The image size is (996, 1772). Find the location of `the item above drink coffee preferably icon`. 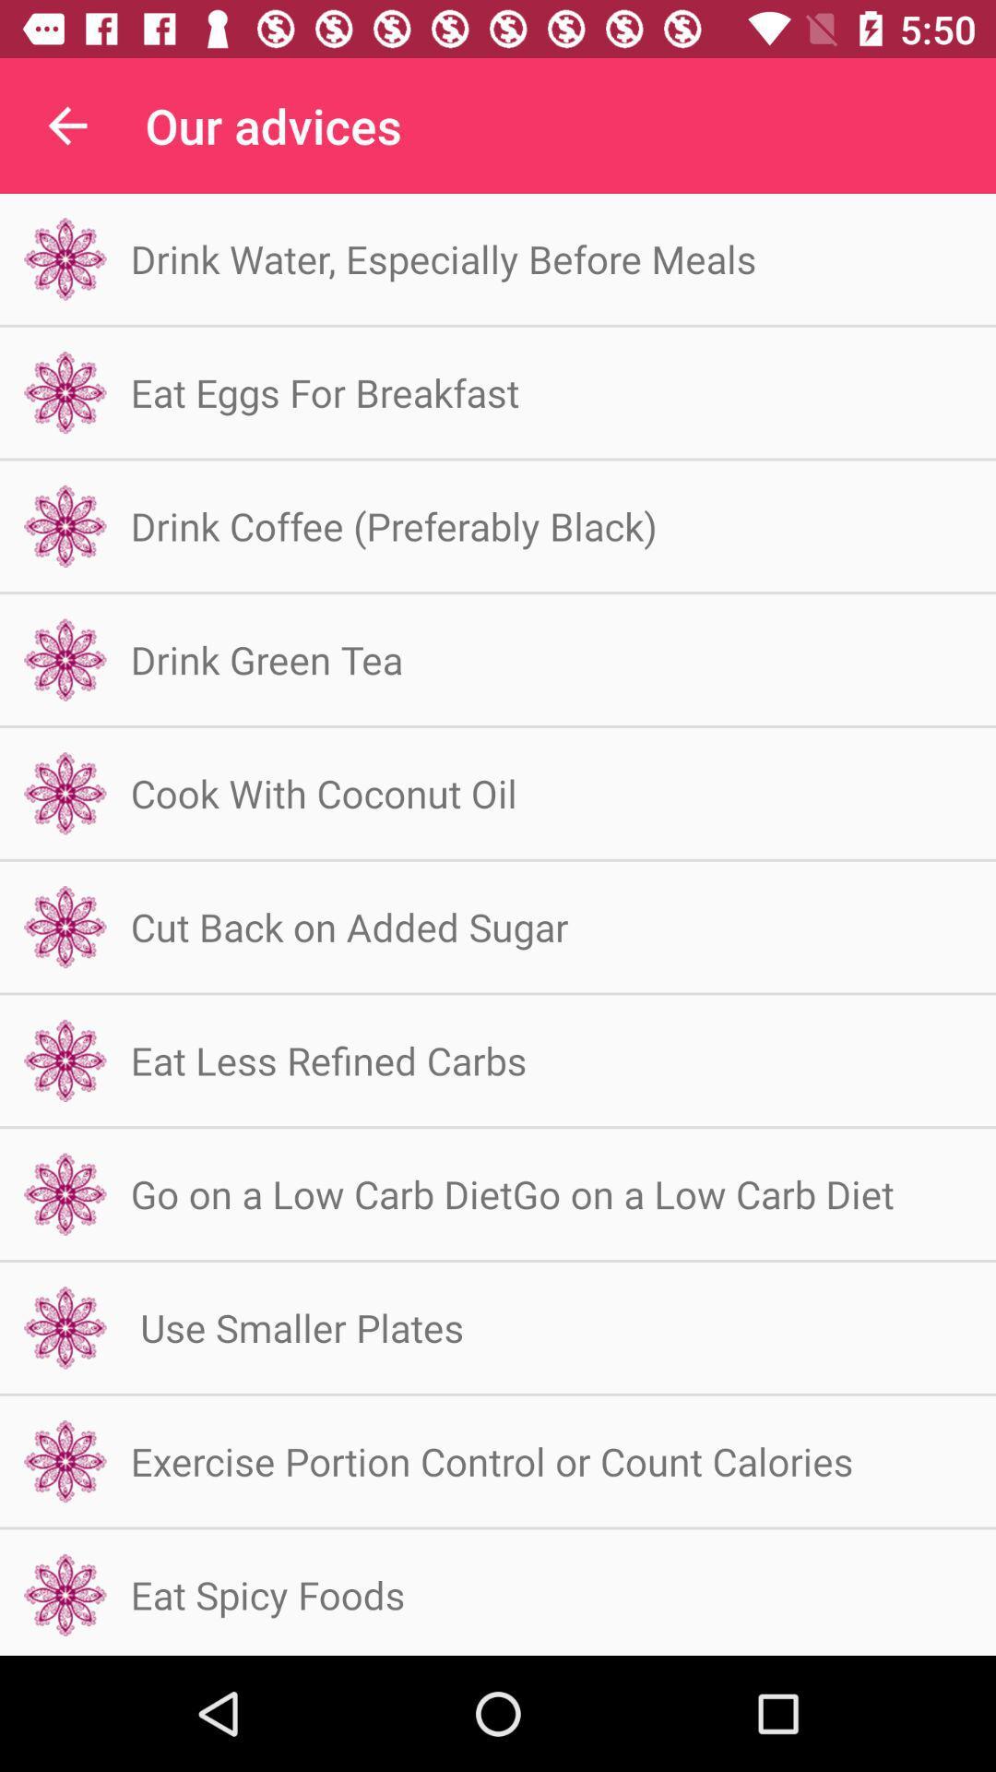

the item above drink coffee preferably icon is located at coordinates (324, 391).